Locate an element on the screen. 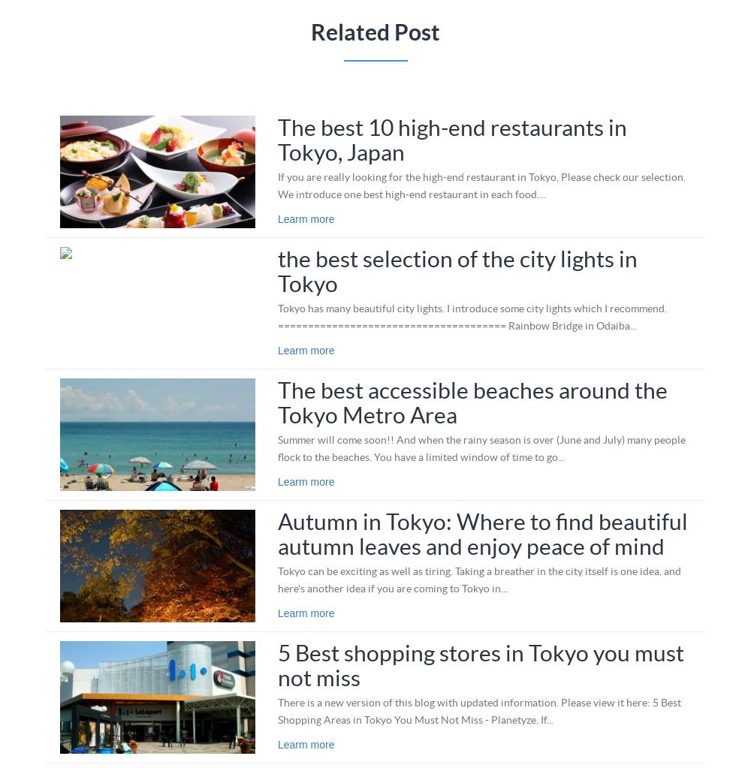  'Related Post' is located at coordinates (311, 31).